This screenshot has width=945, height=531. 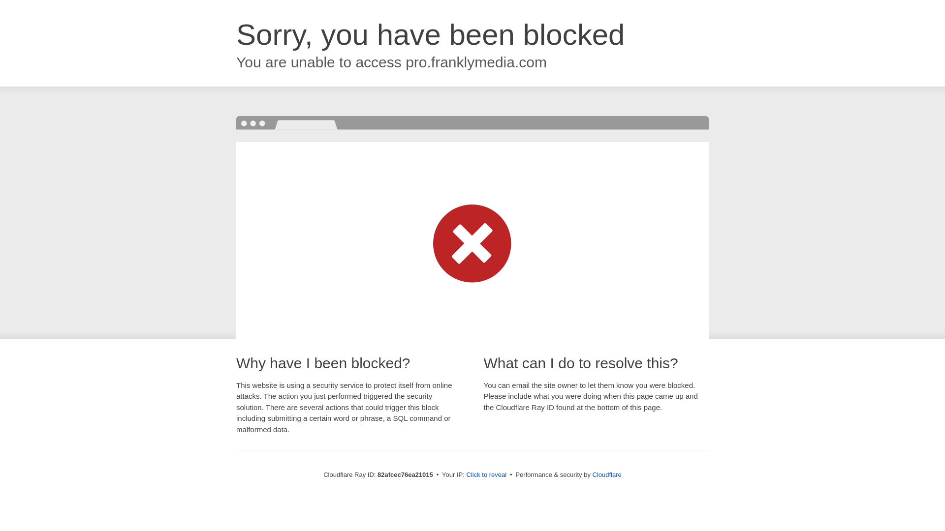 I want to click on 'Click to reveal', so click(x=486, y=474).